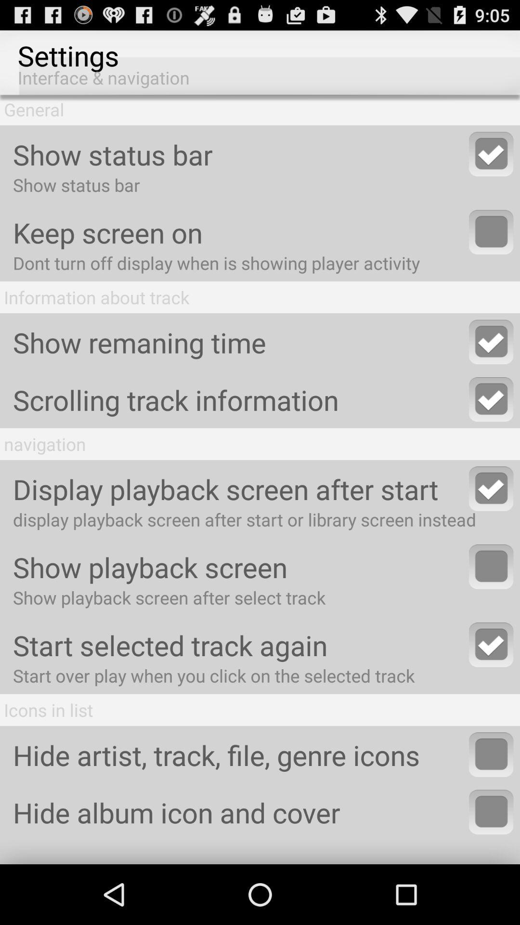 The width and height of the screenshot is (520, 925). What do you see at coordinates (491, 153) in the screenshot?
I see `show status bar` at bounding box center [491, 153].